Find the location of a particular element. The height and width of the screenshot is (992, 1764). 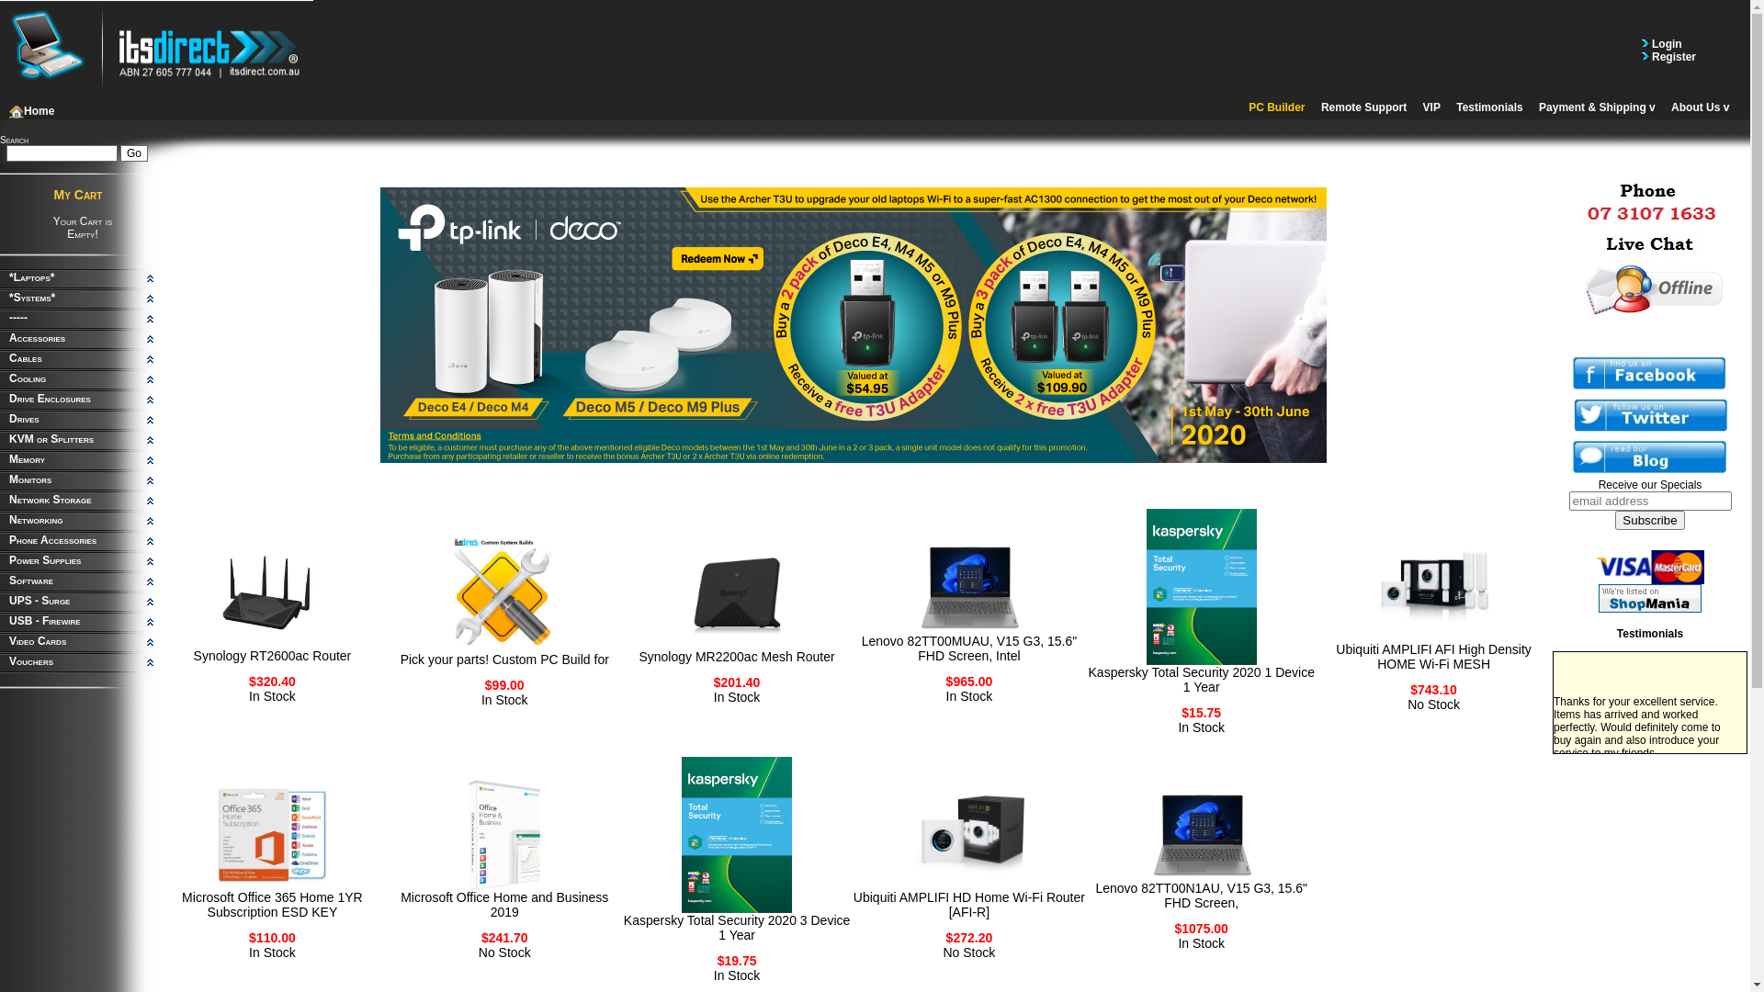

'Register' is located at coordinates (1672, 55).